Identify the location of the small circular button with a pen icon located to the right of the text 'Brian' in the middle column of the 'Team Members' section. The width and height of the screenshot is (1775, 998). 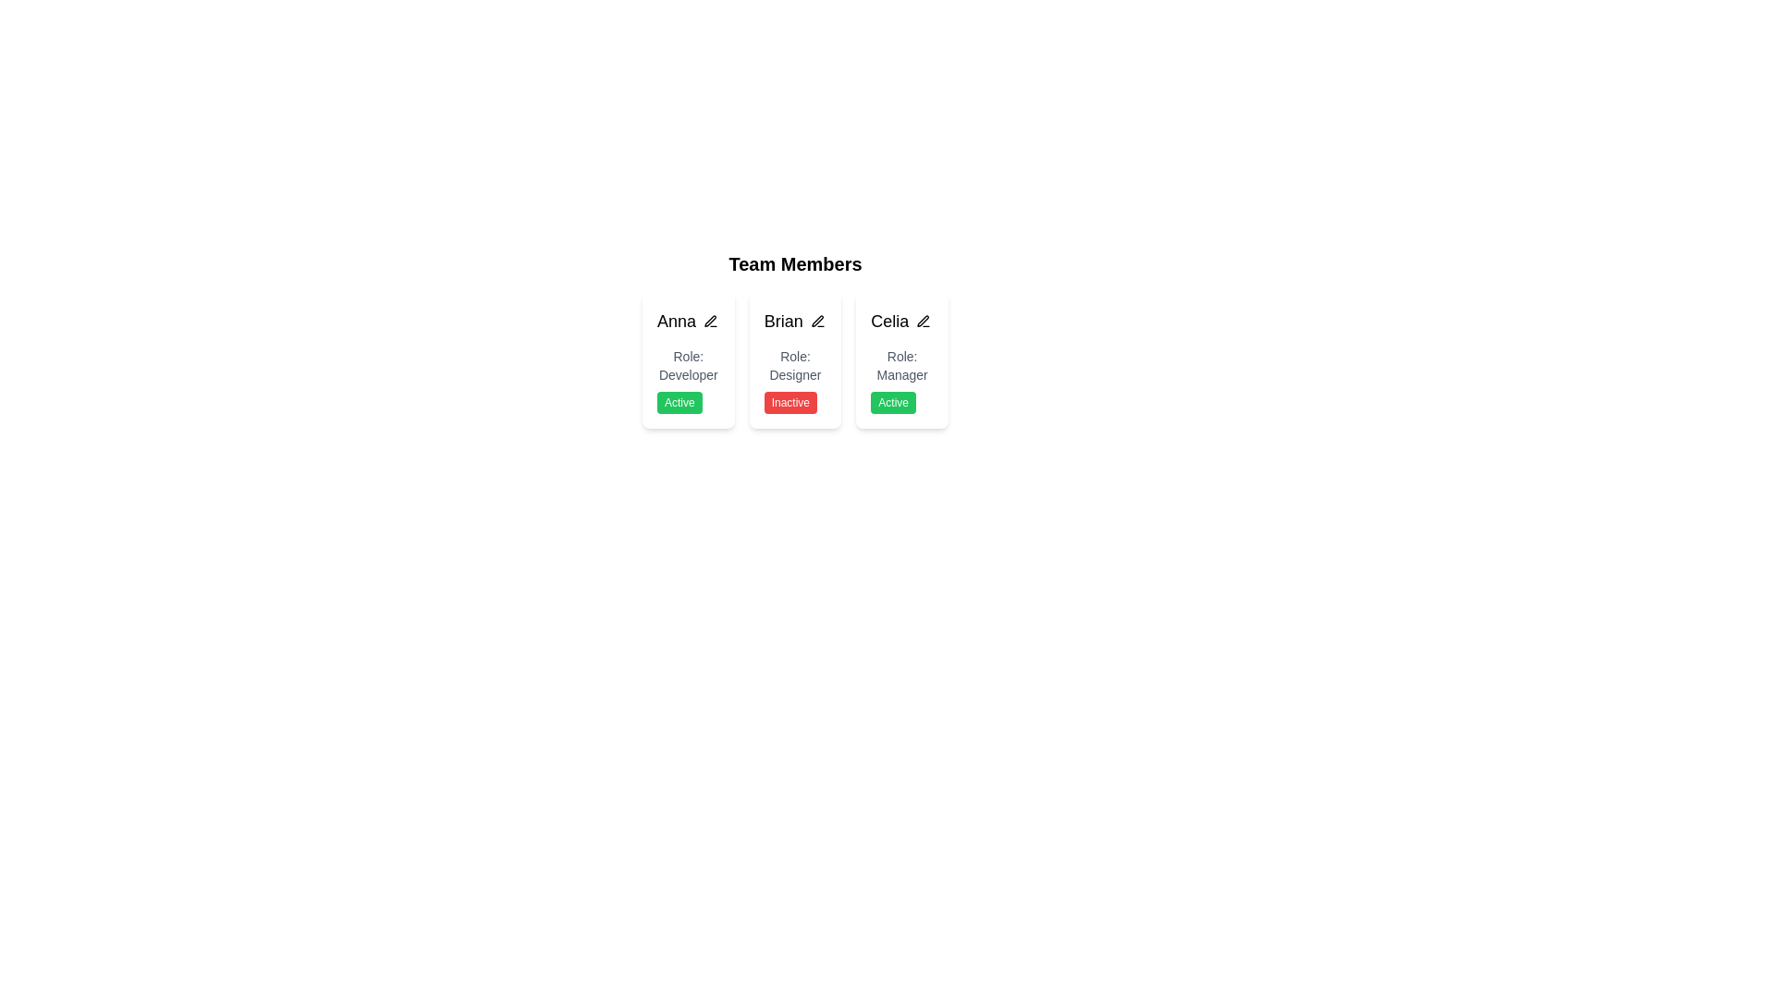
(816, 320).